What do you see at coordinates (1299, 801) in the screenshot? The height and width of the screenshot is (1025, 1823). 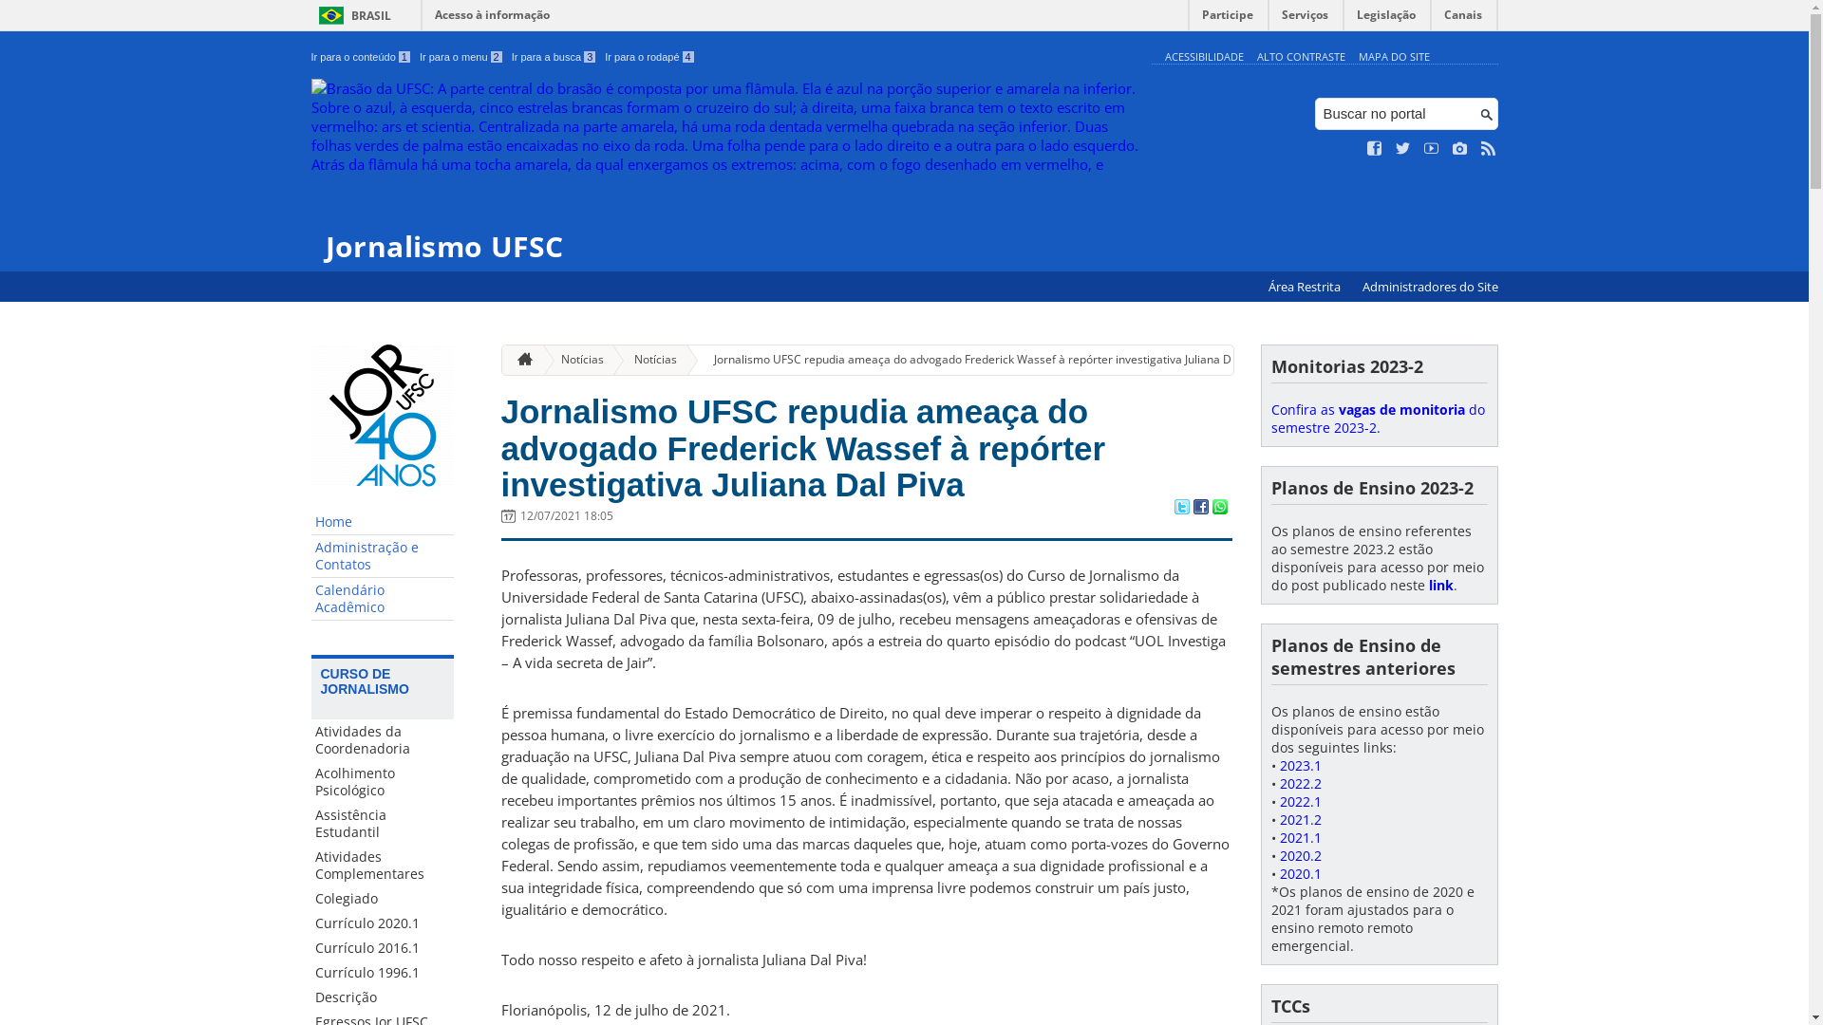 I see `'2022.1'` at bounding box center [1299, 801].